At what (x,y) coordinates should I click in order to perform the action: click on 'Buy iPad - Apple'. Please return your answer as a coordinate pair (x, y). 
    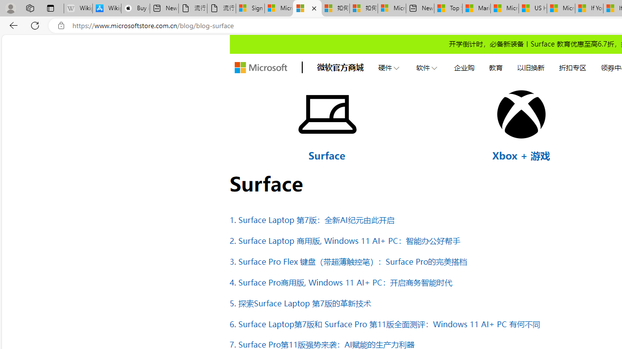
    Looking at the image, I should click on (135, 8).